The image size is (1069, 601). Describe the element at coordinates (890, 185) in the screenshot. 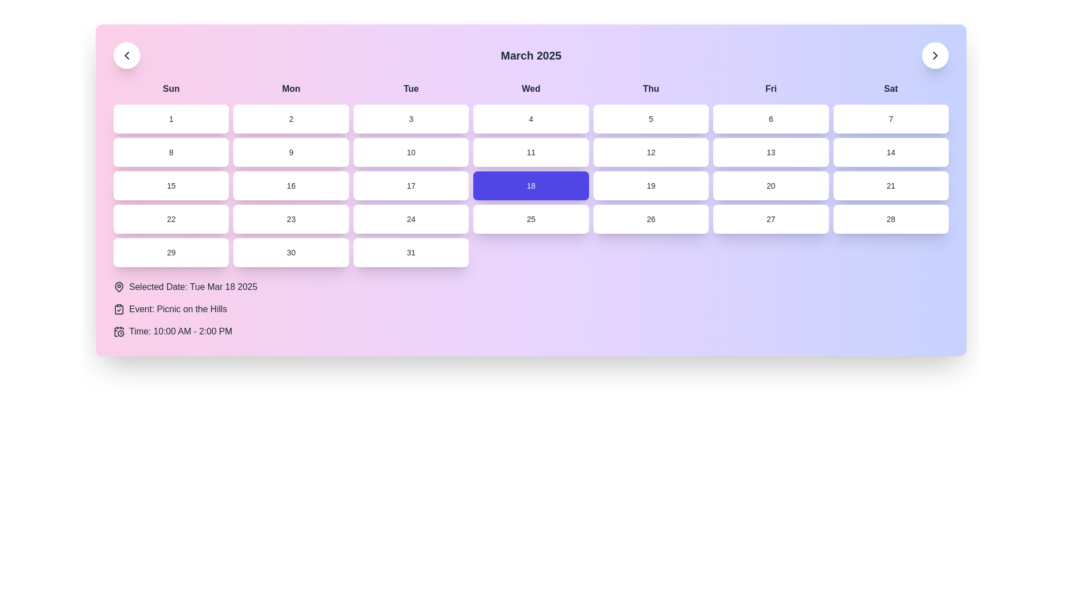

I see `the button representing the 21st day of the month` at that location.